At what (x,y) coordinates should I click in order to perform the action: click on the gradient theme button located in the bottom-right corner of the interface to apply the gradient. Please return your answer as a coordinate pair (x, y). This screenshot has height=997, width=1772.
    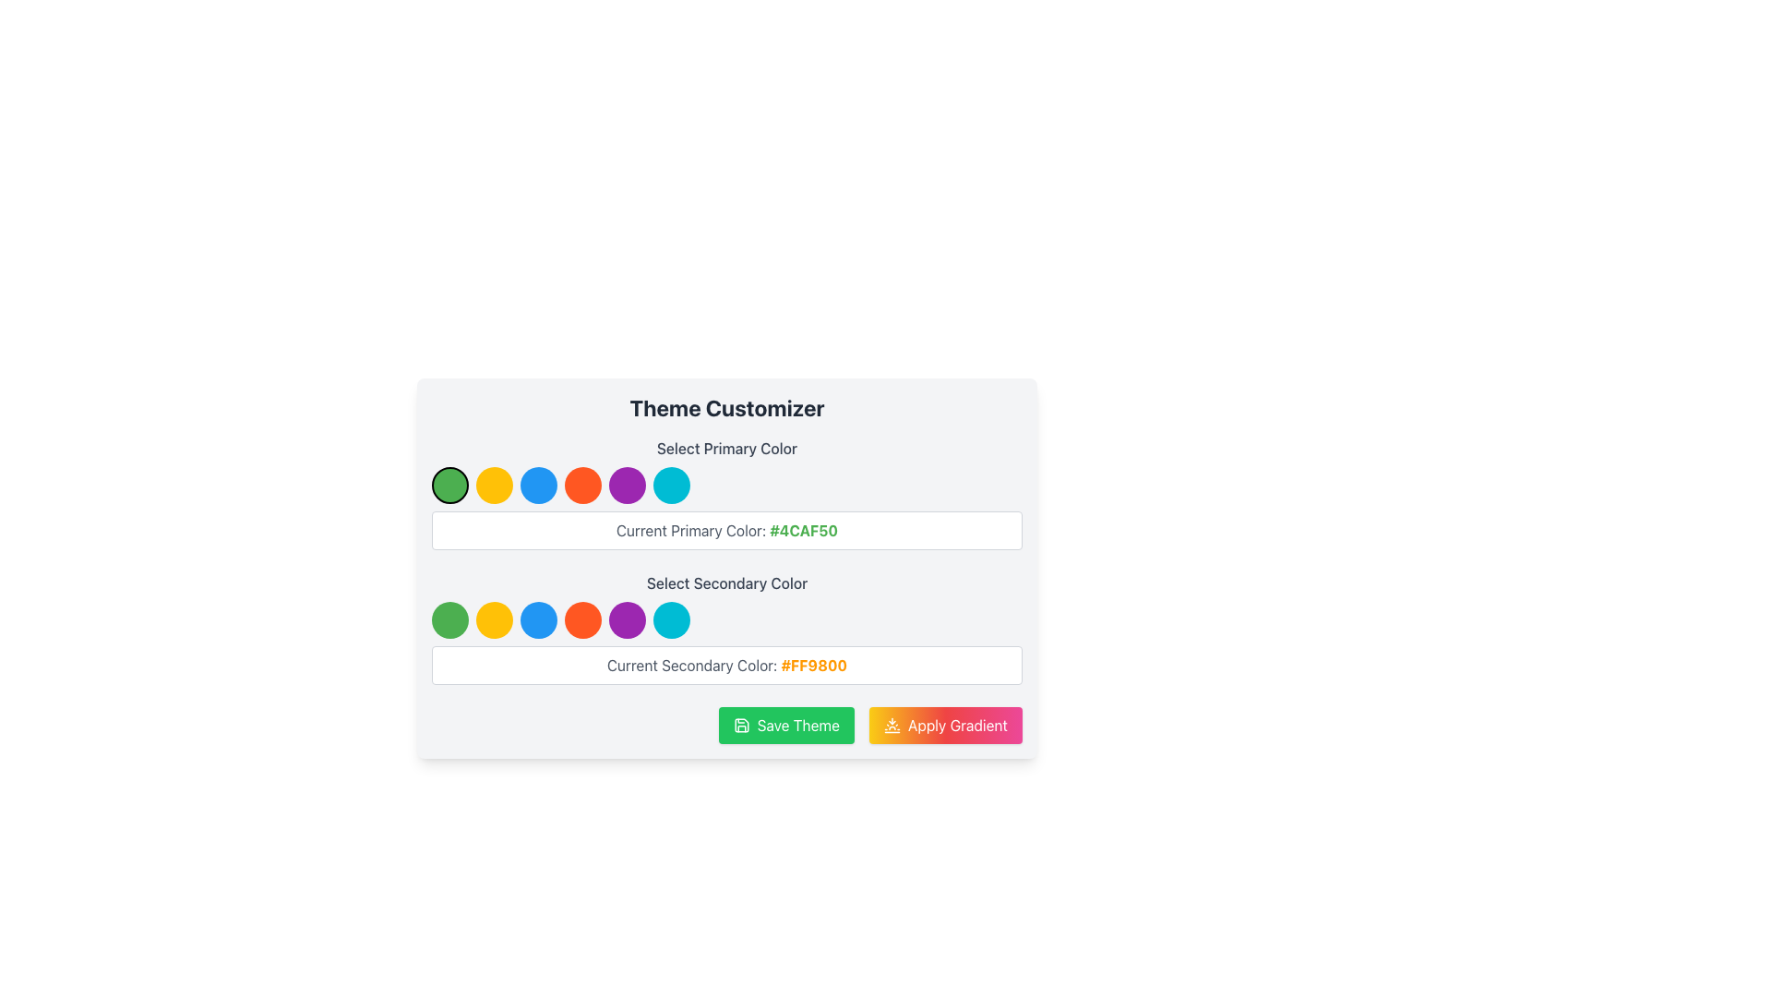
    Looking at the image, I should click on (944, 725).